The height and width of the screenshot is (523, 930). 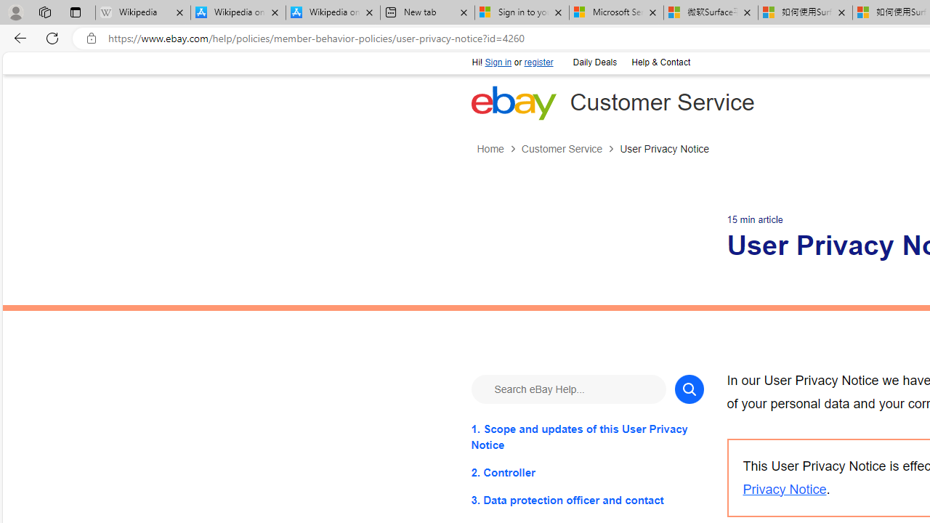 What do you see at coordinates (587, 499) in the screenshot?
I see `'3. Data protection officer and contact'` at bounding box center [587, 499].